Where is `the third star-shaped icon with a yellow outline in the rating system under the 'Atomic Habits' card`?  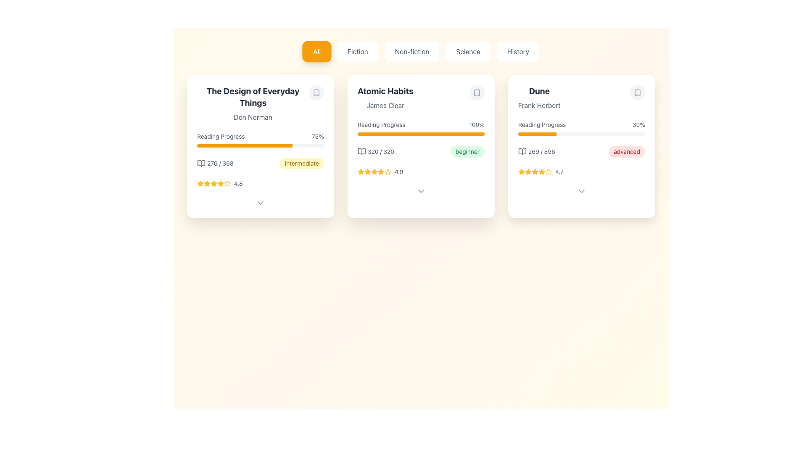 the third star-shaped icon with a yellow outline in the rating system under the 'Atomic Habits' card is located at coordinates (361, 171).